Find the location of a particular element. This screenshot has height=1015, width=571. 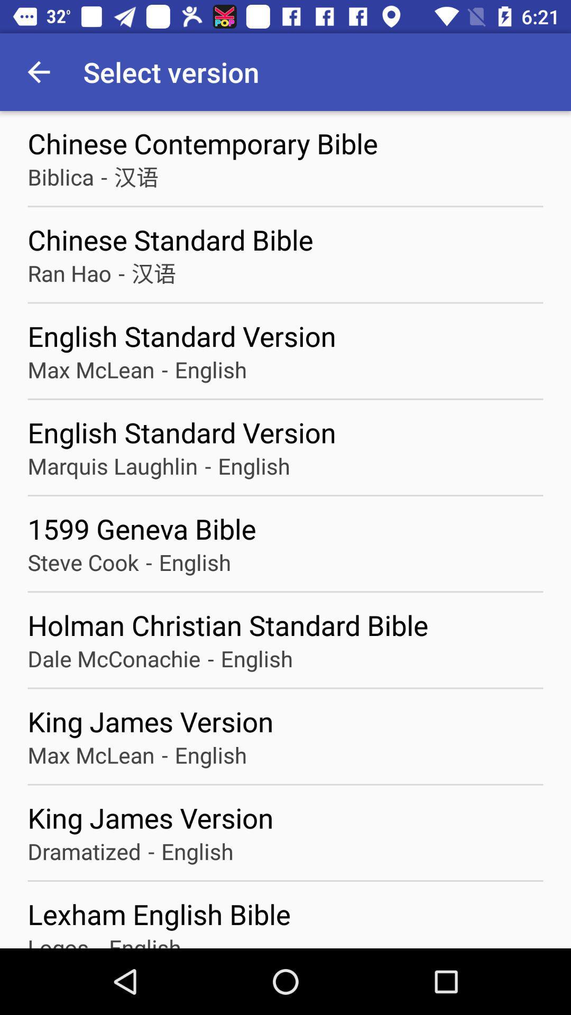

- icon is located at coordinates (210, 658).